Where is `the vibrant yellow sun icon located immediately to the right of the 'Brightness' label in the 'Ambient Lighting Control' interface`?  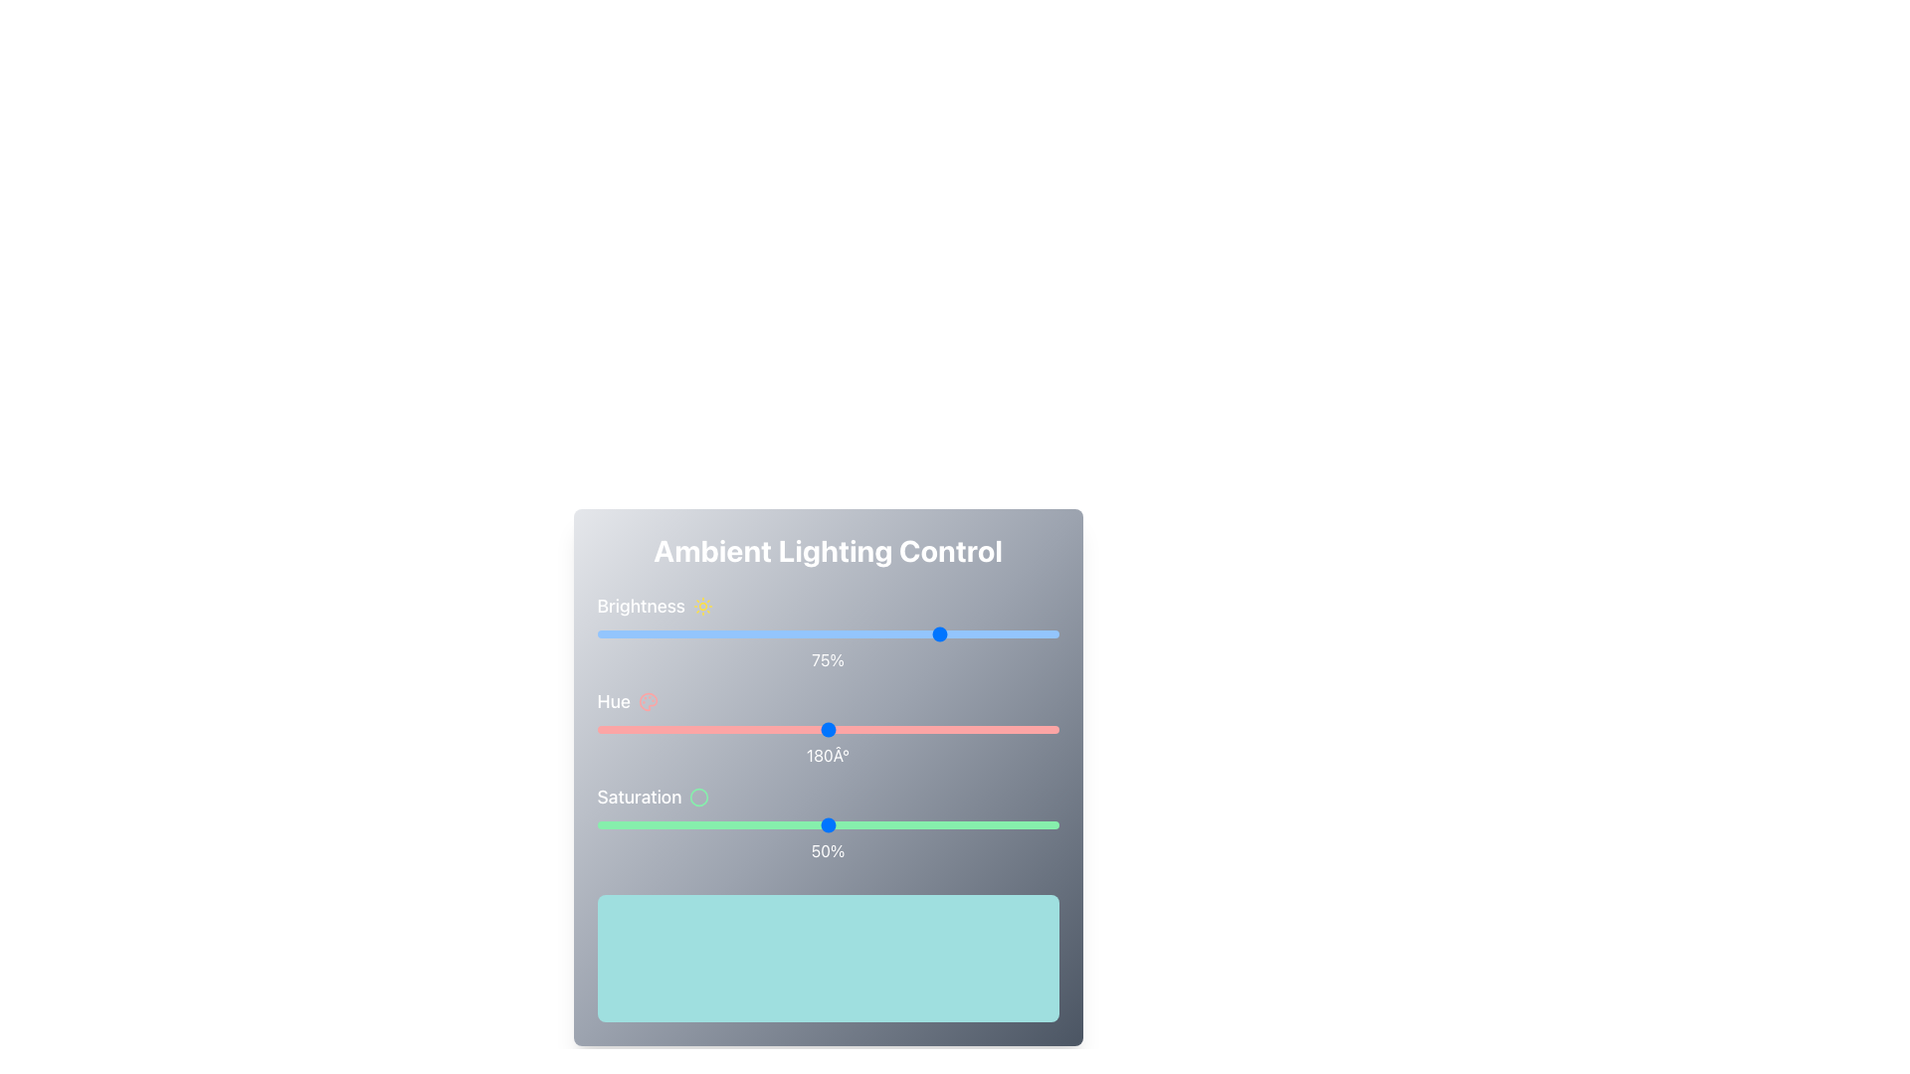
the vibrant yellow sun icon located immediately to the right of the 'Brightness' label in the 'Ambient Lighting Control' interface is located at coordinates (702, 605).